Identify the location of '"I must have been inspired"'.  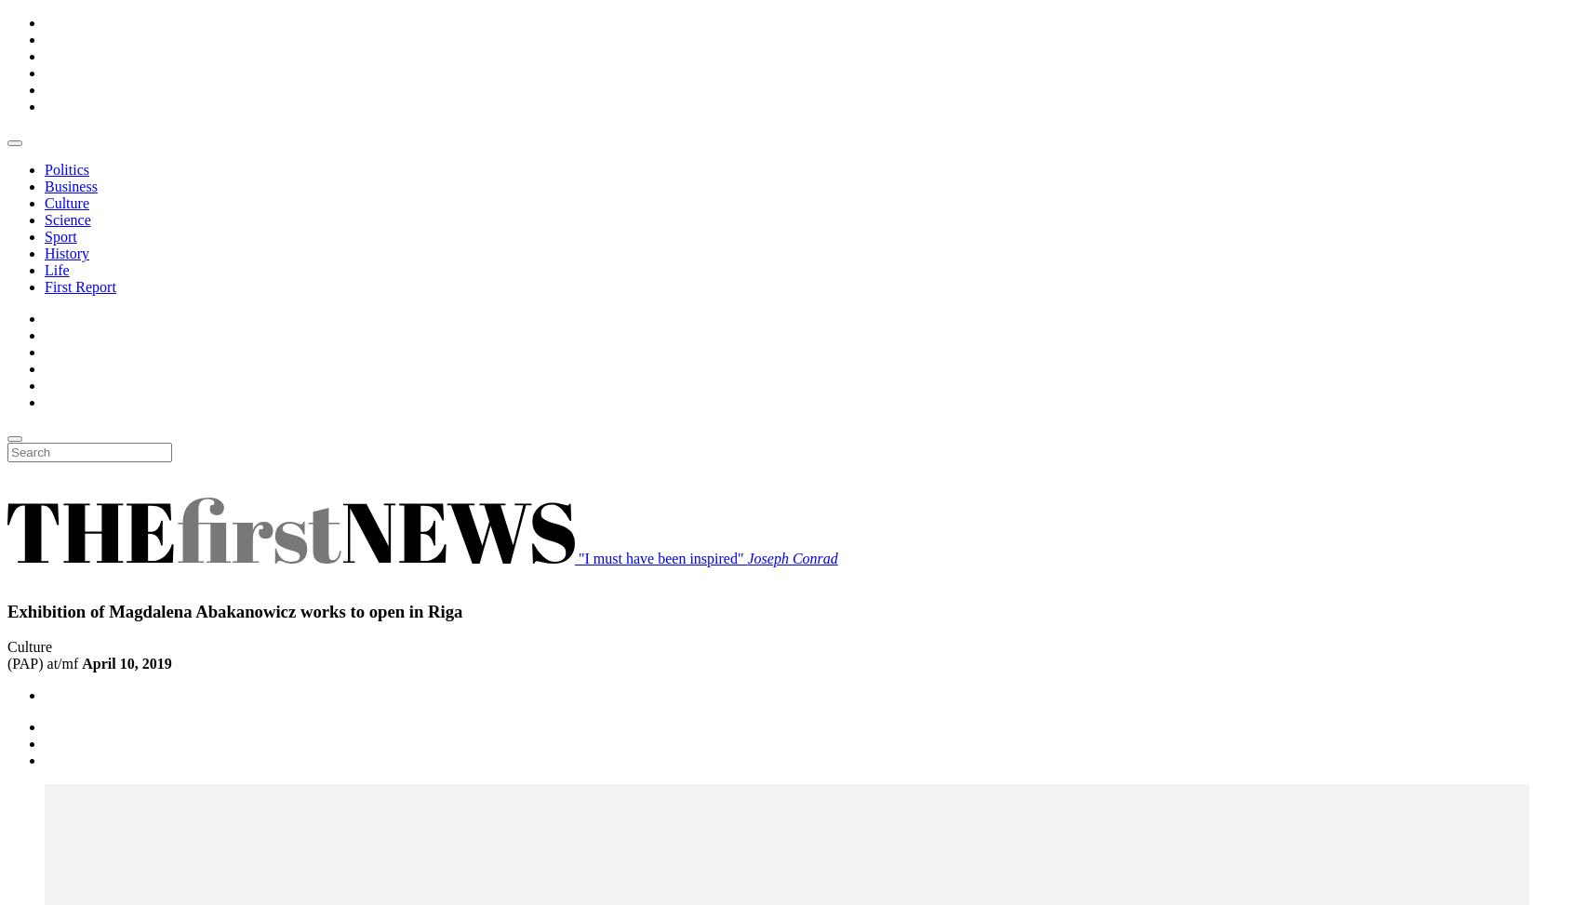
(661, 557).